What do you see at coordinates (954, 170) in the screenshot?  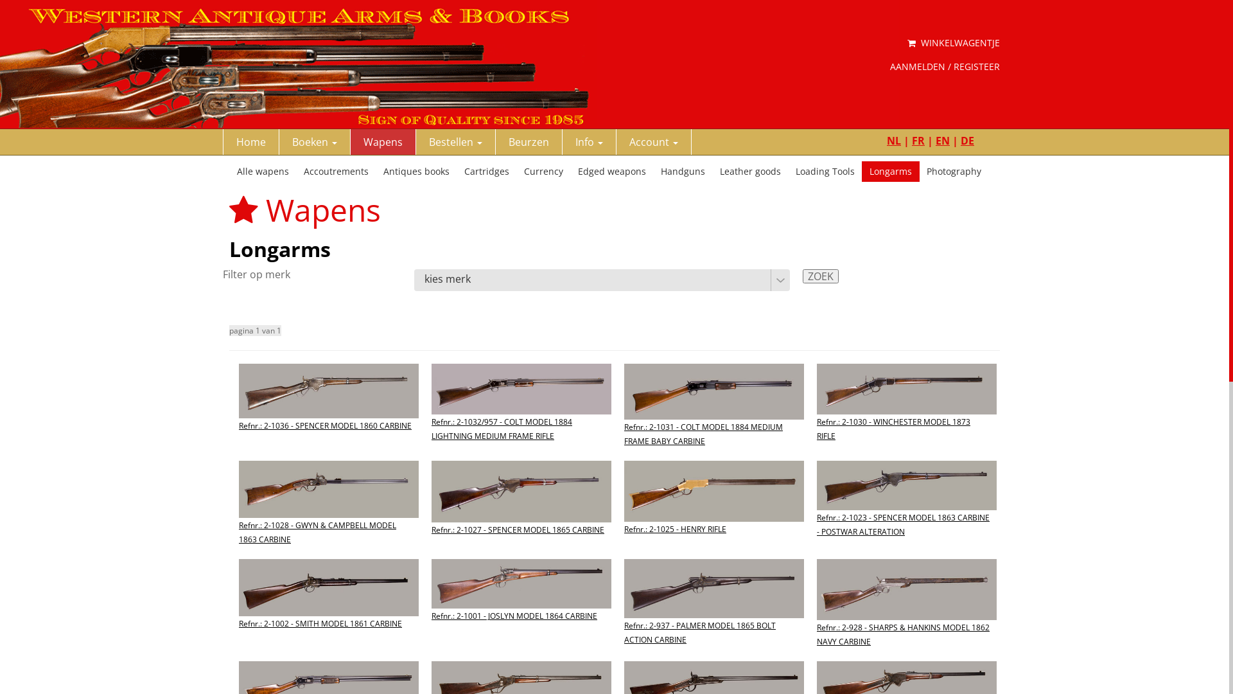 I see `'Photography'` at bounding box center [954, 170].